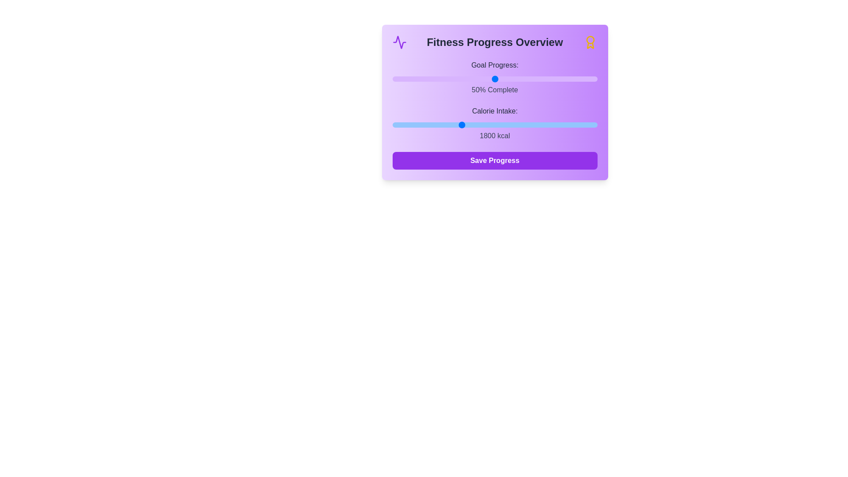 The image size is (848, 477). Describe the element at coordinates (495, 78) in the screenshot. I see `the range slider located under 'Goal Progress:' and above '50% Complete' in the 'Fitness Progress Overview' panel to set a value` at that location.